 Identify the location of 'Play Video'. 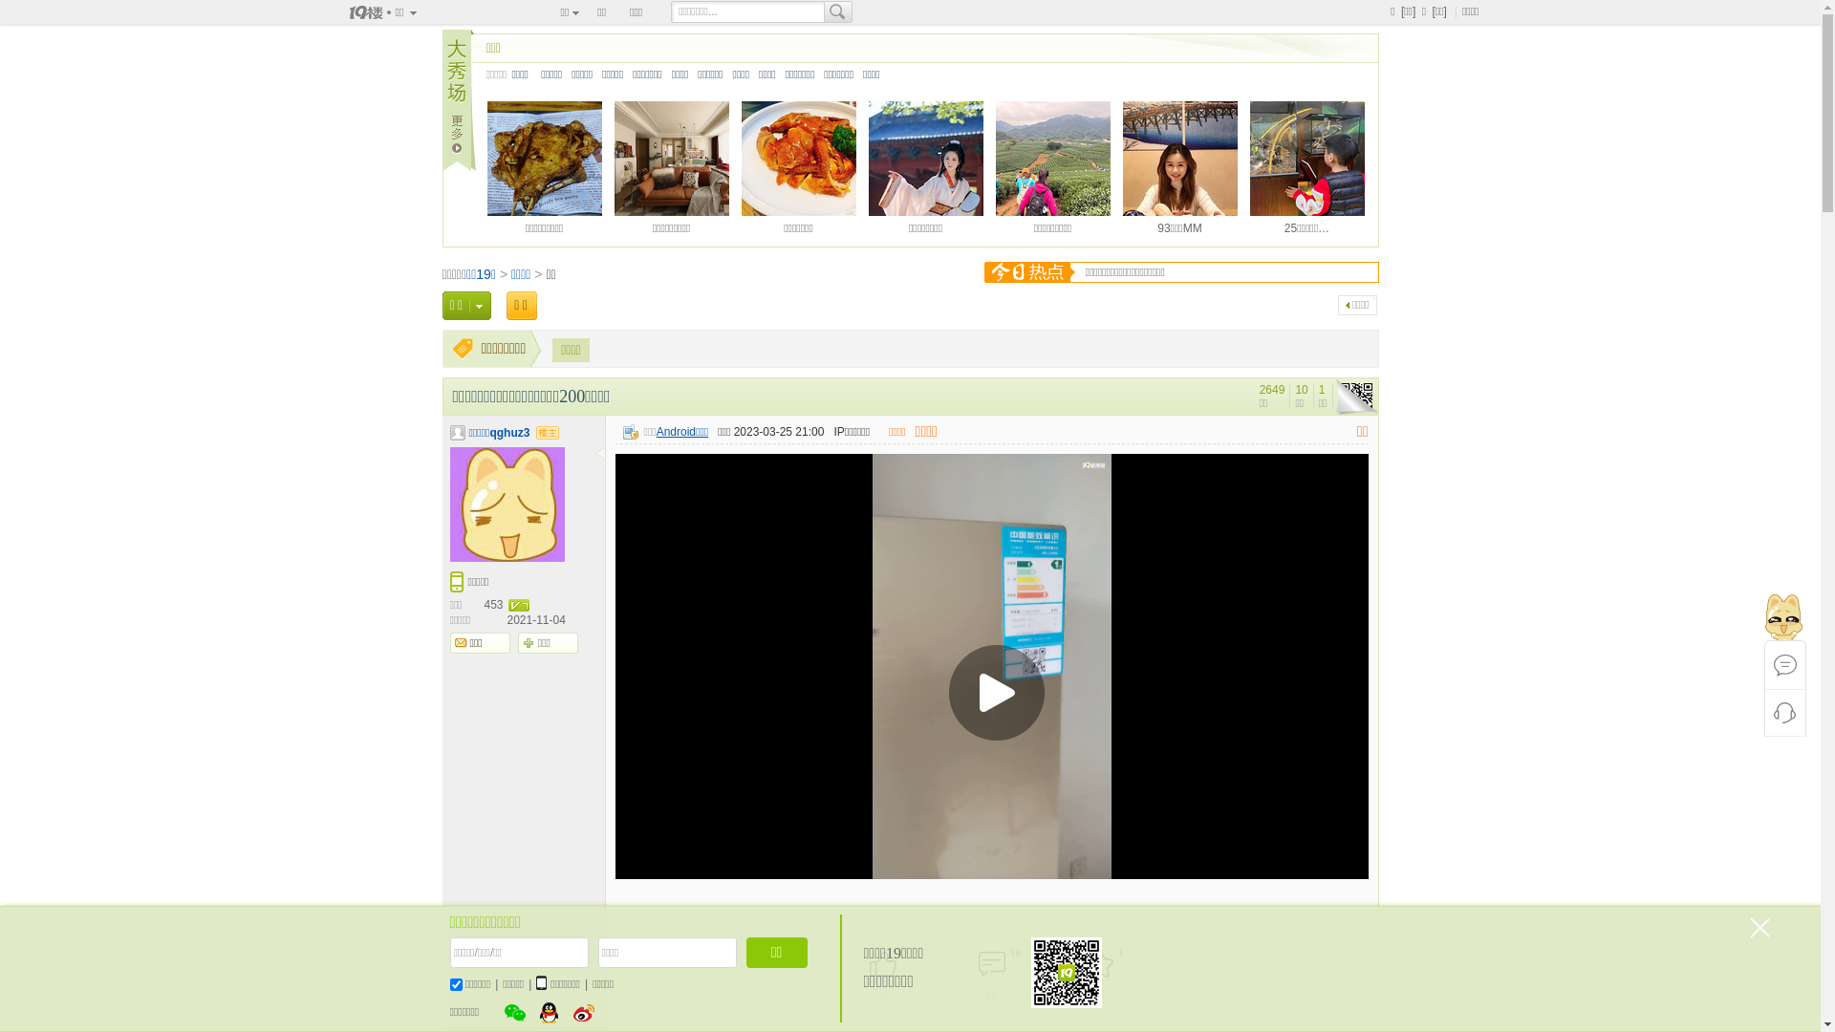
(994, 693).